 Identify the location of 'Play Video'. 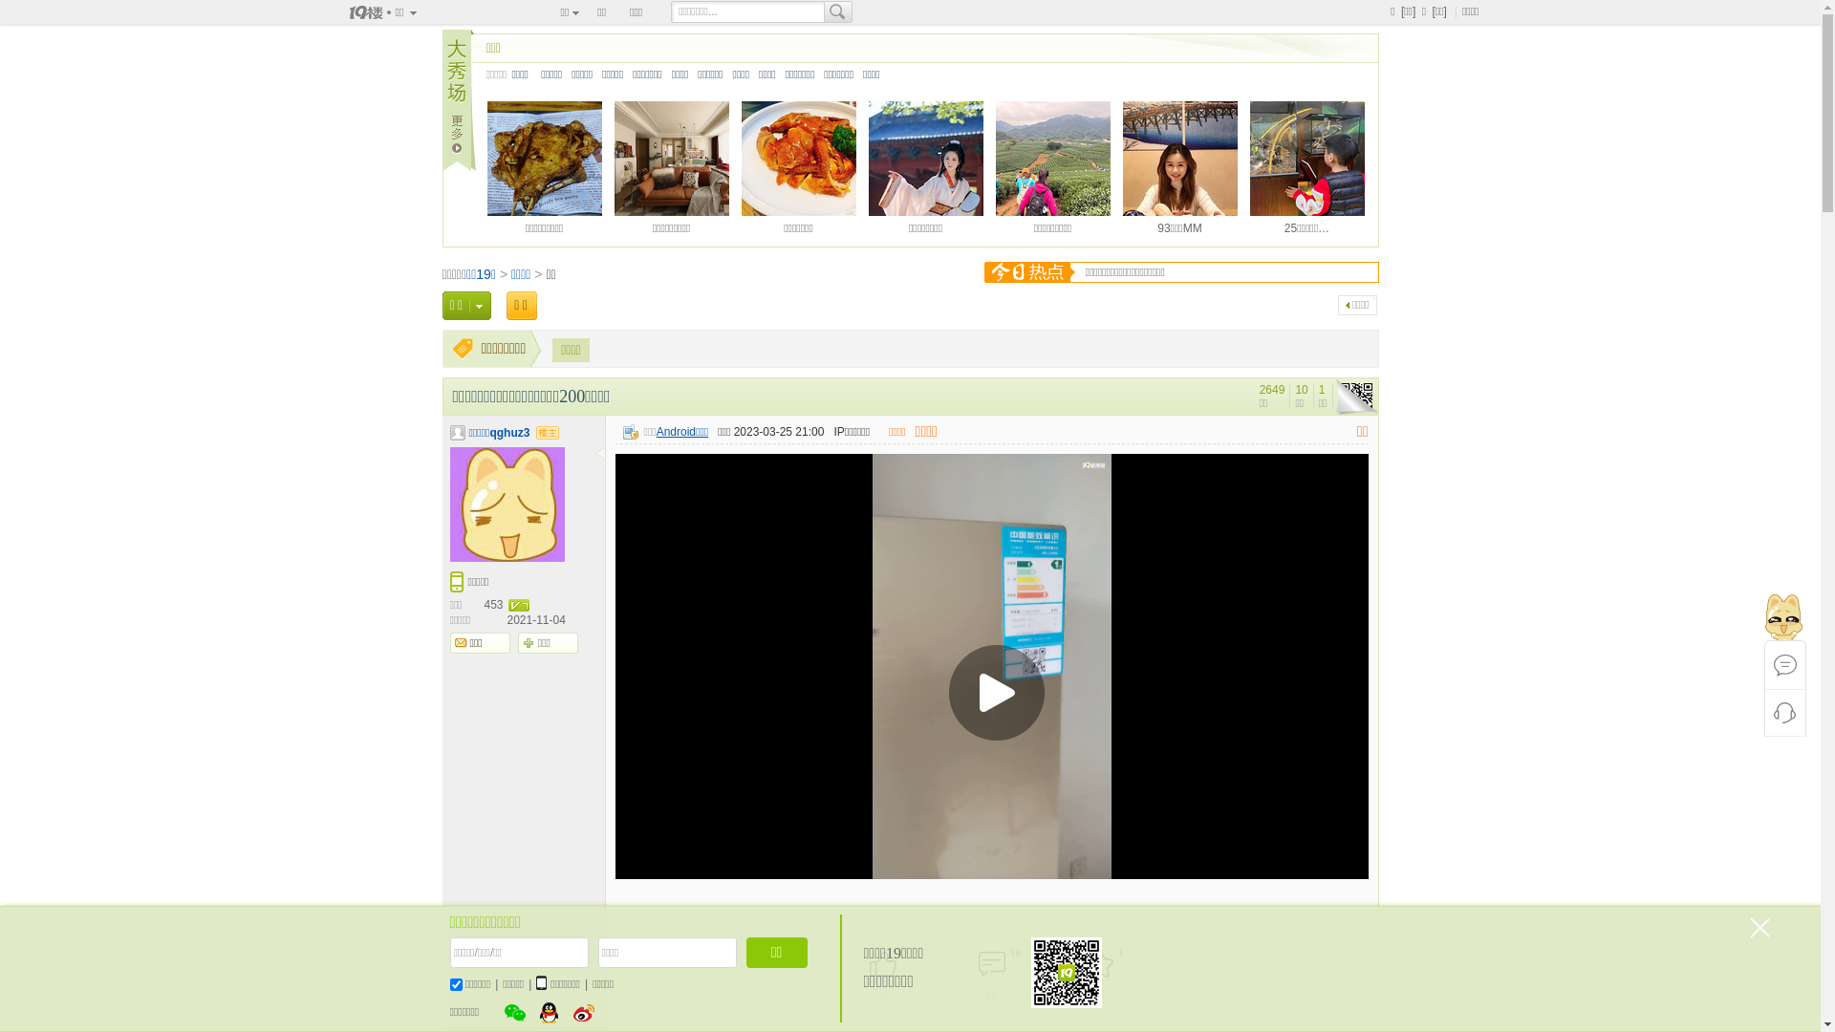
(994, 693).